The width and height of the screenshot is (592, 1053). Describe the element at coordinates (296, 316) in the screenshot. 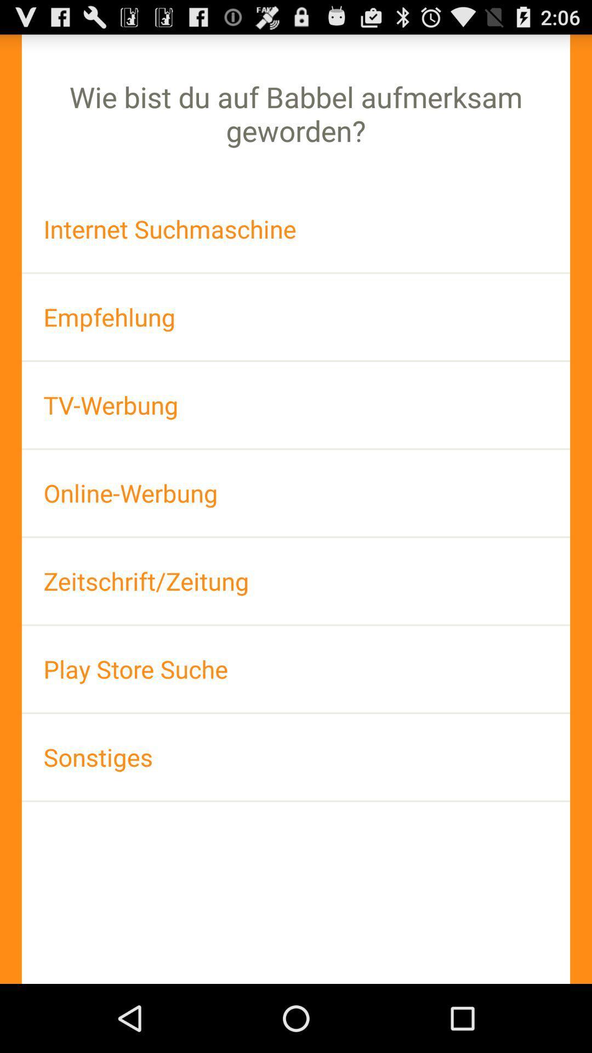

I see `the item above tv-werbung icon` at that location.